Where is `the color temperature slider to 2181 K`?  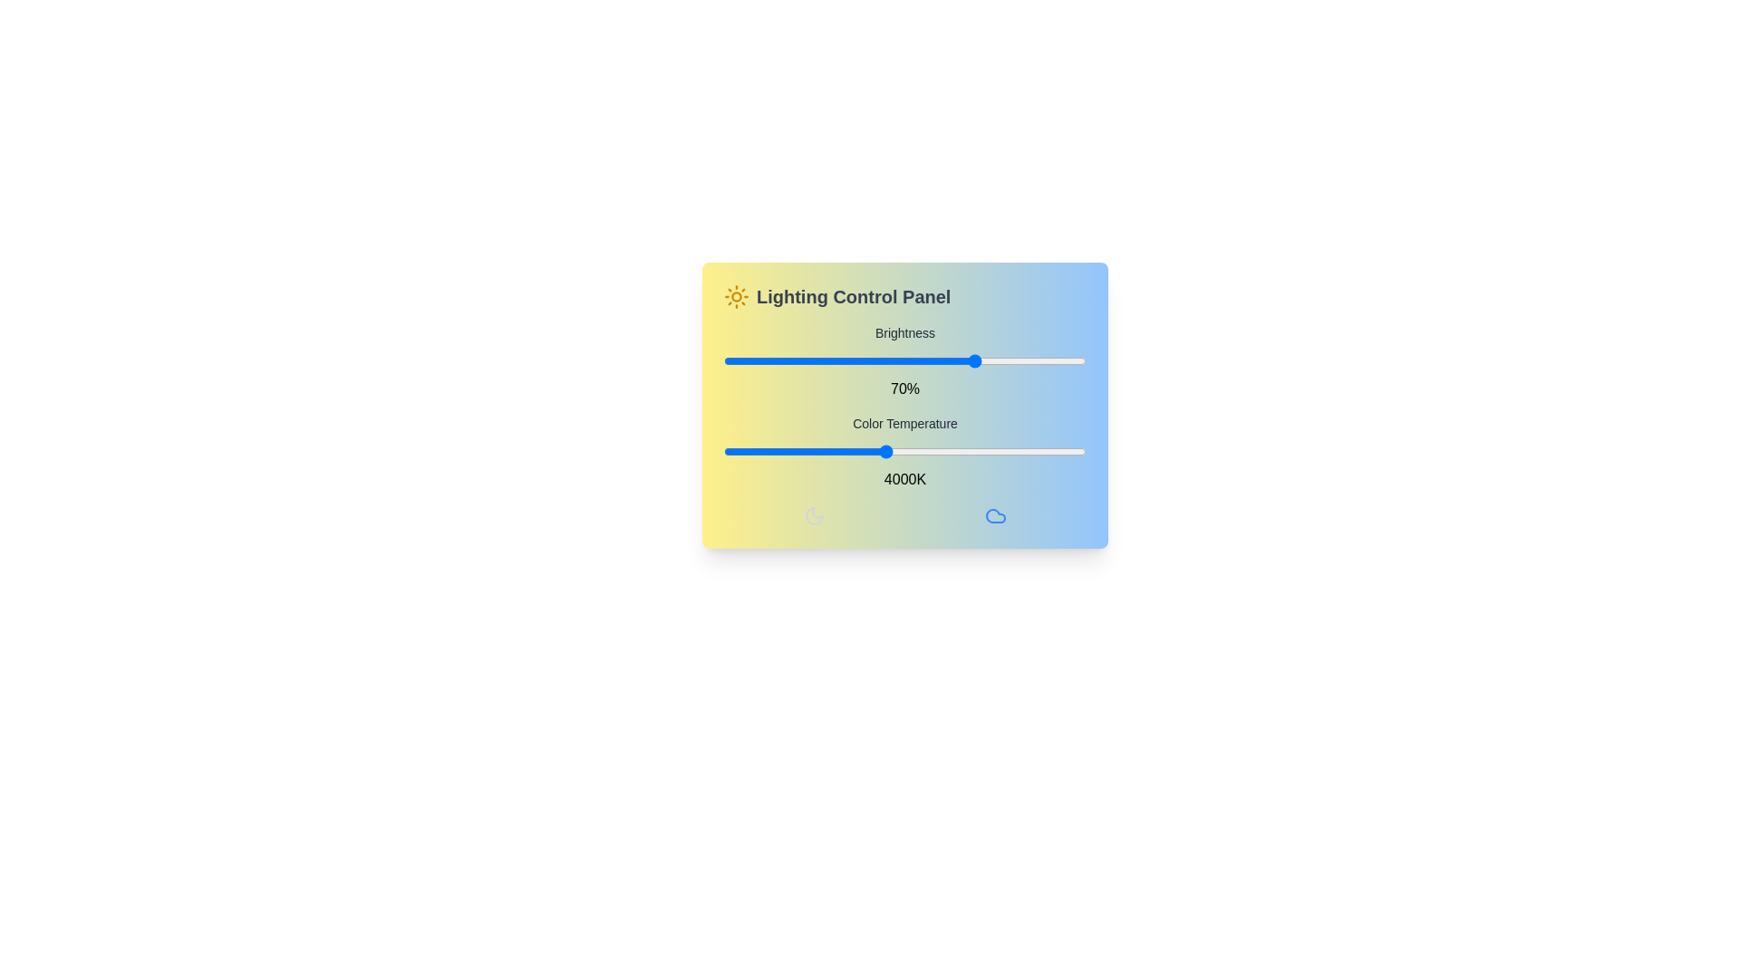
the color temperature slider to 2181 K is located at coordinates (739, 450).